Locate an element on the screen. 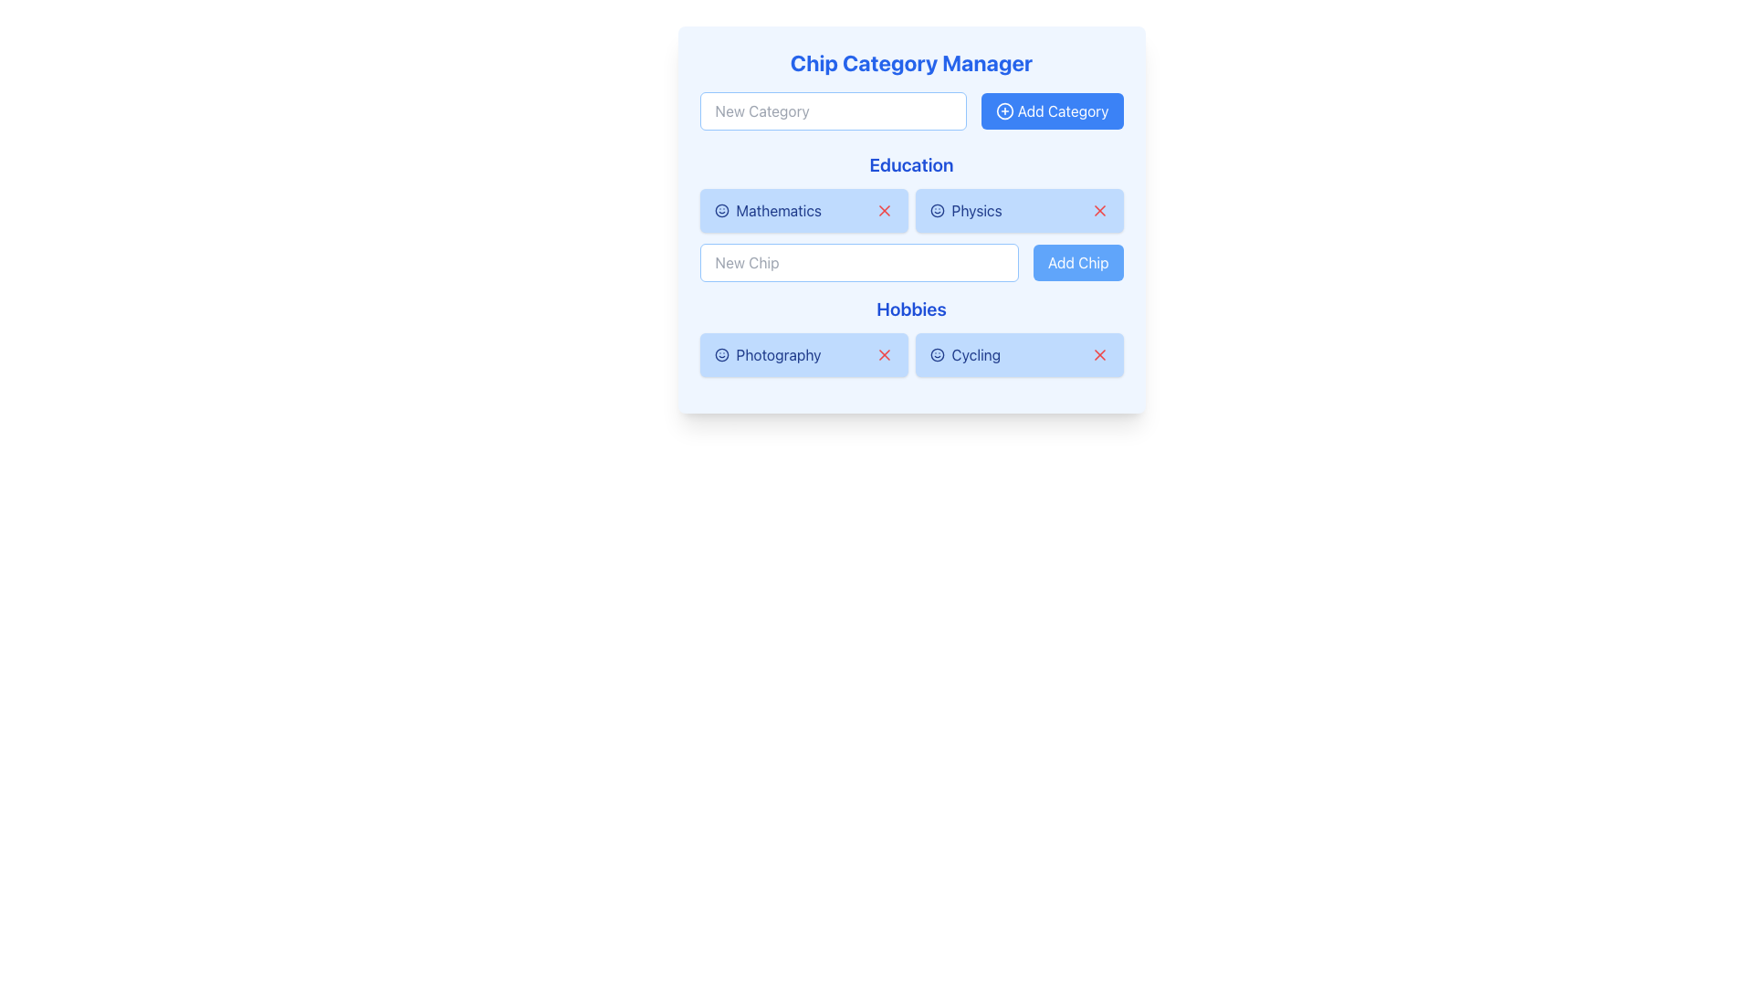  the 'Cycling' interactive chip, which is the second button in the horizontal list under the 'Hobbies' section is located at coordinates (1018, 355).